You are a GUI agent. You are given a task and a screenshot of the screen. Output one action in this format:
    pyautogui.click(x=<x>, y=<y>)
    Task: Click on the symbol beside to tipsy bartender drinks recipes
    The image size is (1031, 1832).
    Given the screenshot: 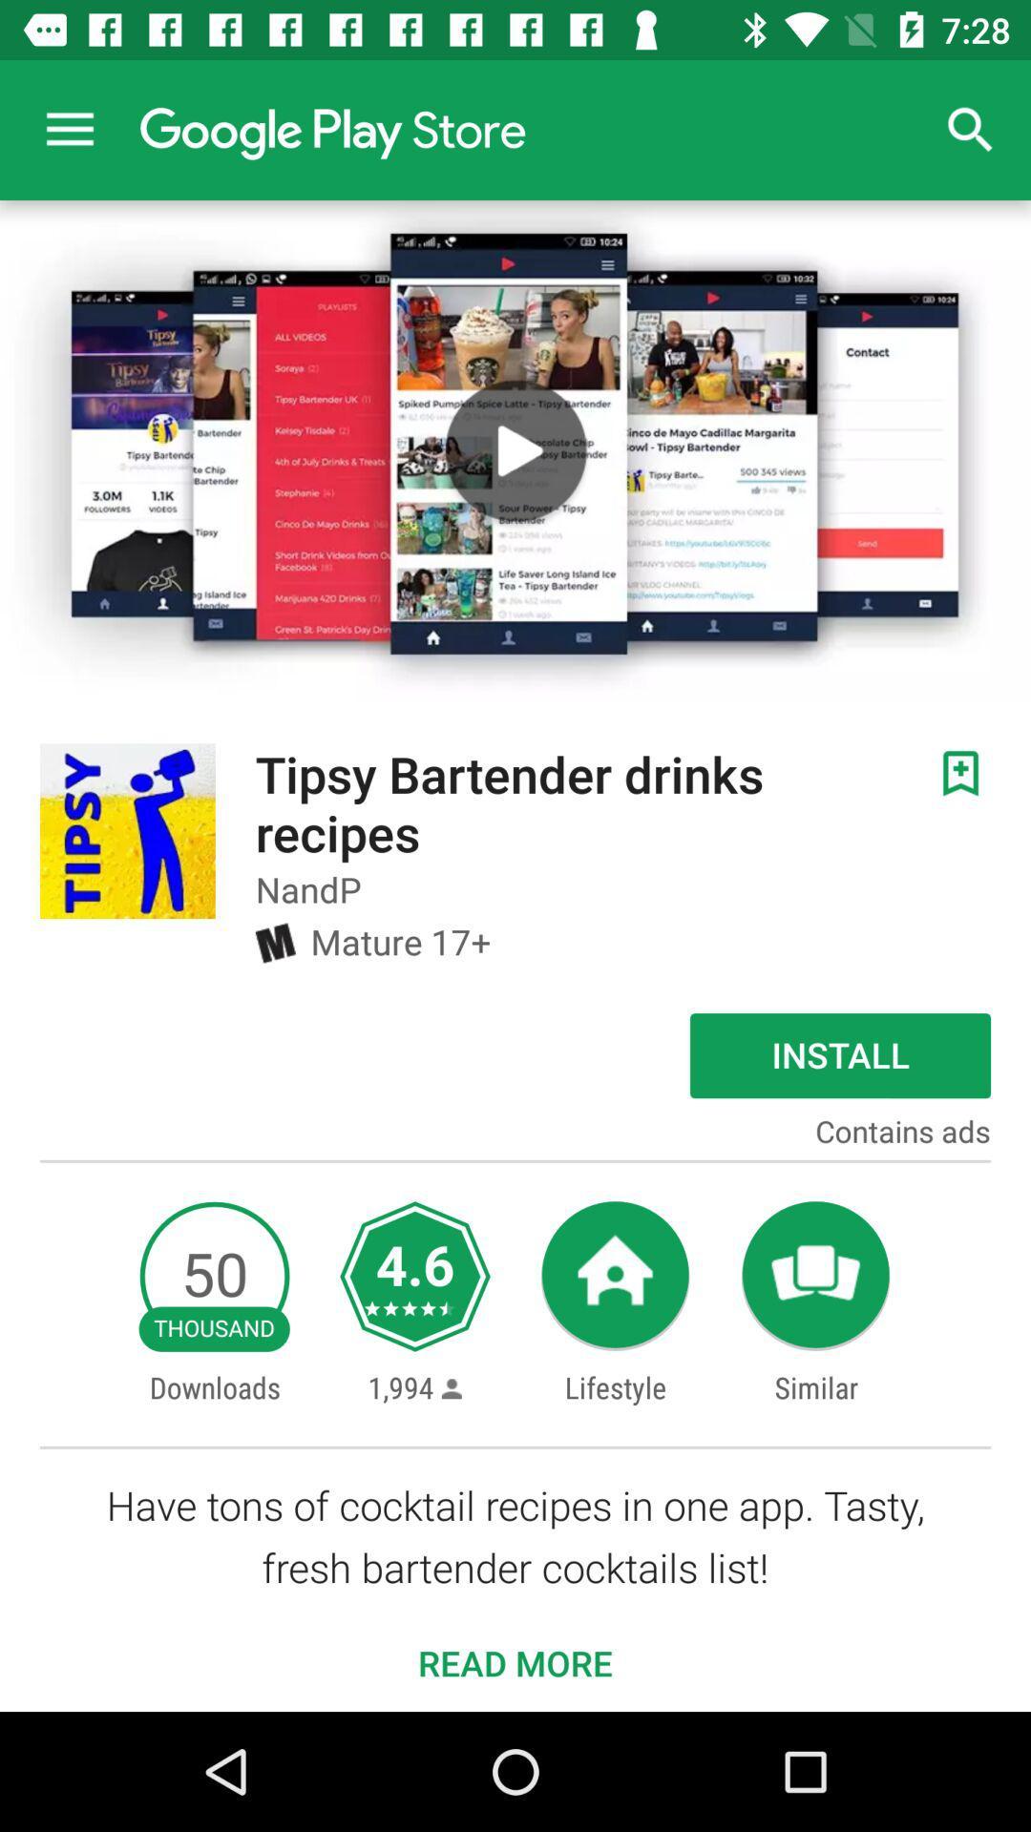 What is the action you would take?
    pyautogui.click(x=960, y=773)
    